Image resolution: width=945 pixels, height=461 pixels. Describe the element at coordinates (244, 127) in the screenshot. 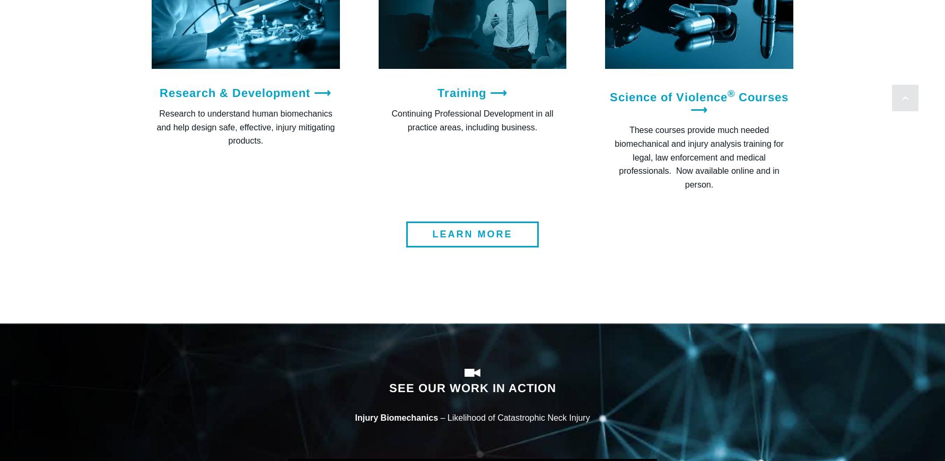

I see `'Research to understand human biomechanics and help design safe, effective, injury mitigating products.'` at that location.